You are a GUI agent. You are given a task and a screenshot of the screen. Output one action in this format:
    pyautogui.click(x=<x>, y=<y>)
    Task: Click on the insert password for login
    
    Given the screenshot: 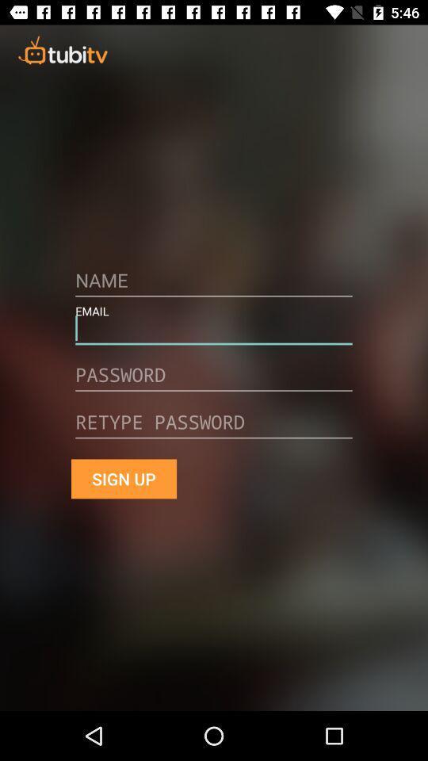 What is the action you would take?
    pyautogui.click(x=214, y=380)
    